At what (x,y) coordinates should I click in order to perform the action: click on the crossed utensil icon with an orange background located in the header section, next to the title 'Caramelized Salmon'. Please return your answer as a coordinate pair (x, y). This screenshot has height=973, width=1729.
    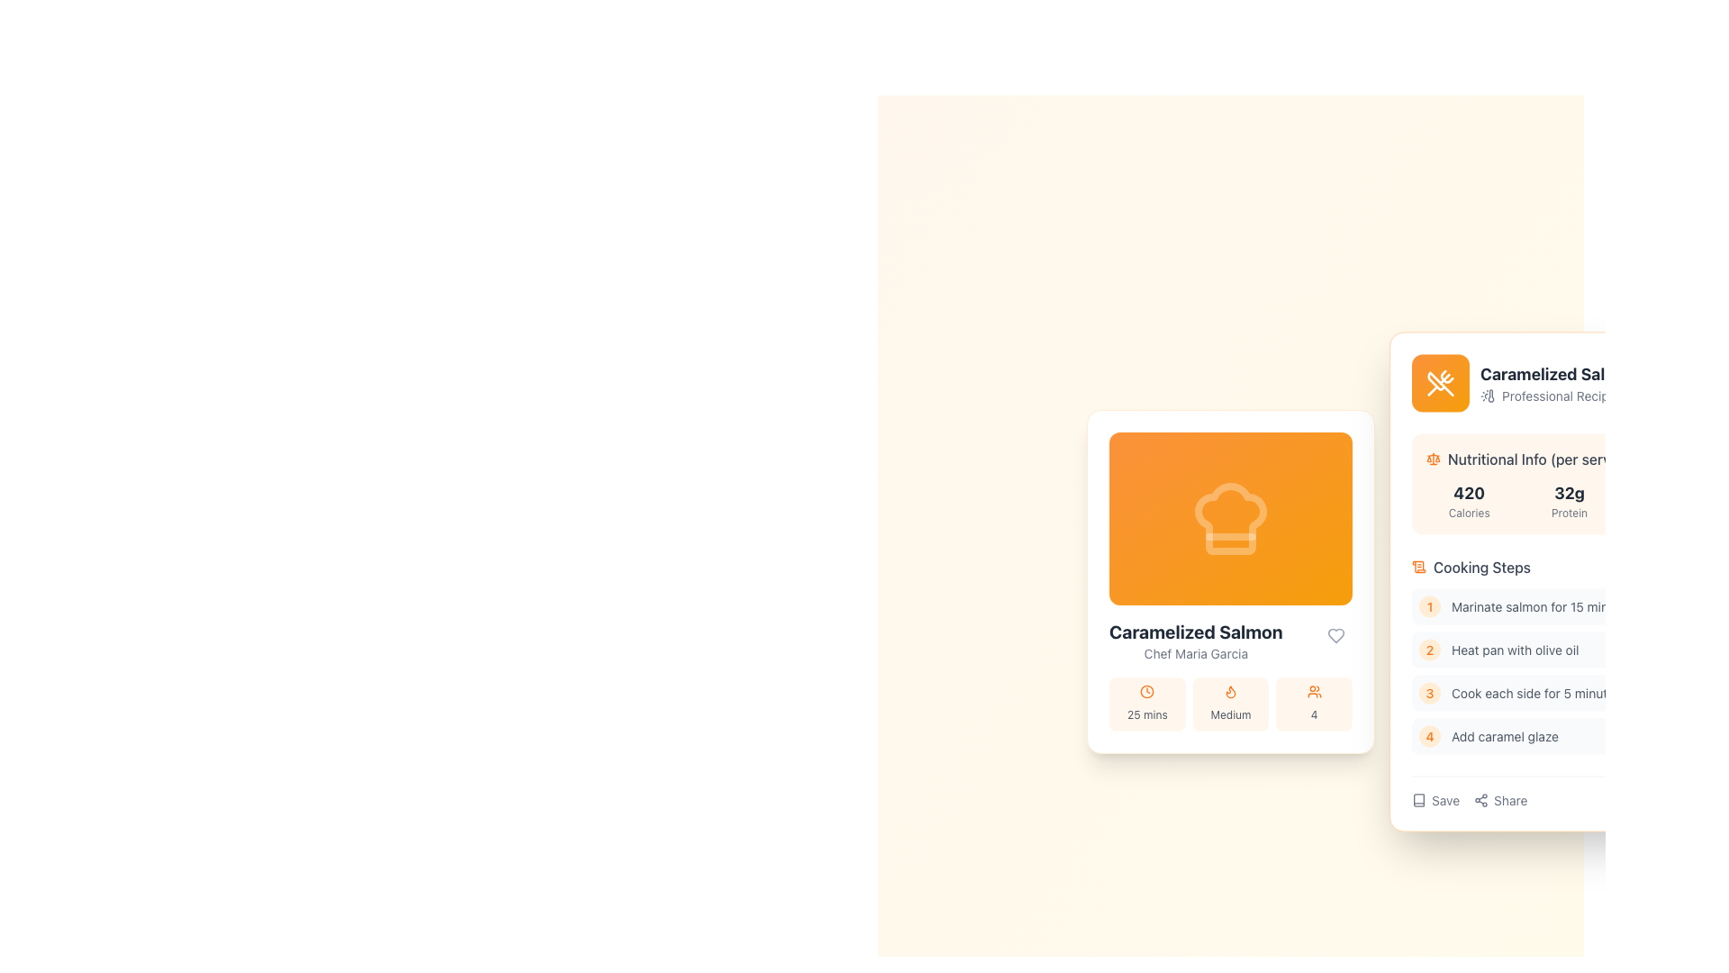
    Looking at the image, I should click on (1439, 381).